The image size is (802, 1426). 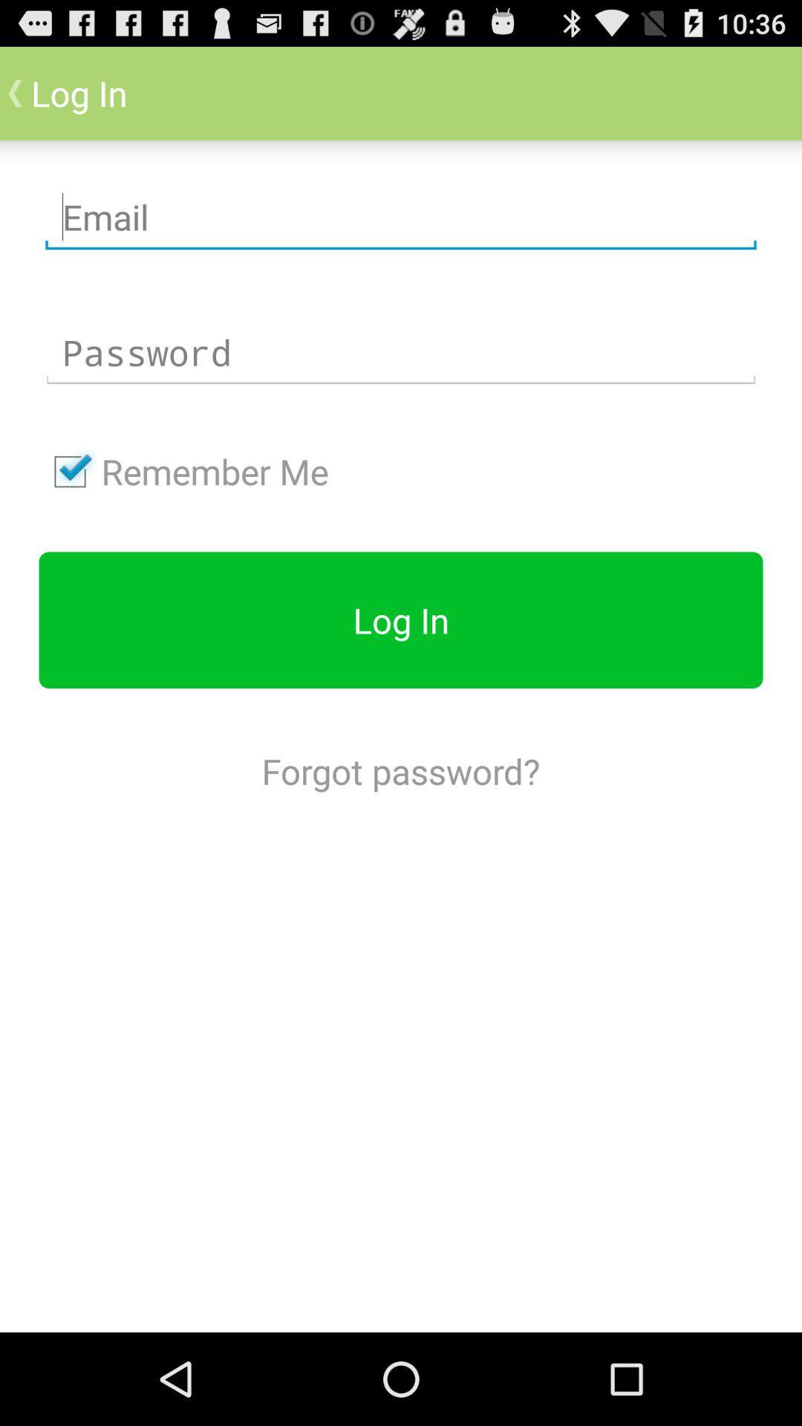 What do you see at coordinates (401, 352) in the screenshot?
I see `insert password` at bounding box center [401, 352].